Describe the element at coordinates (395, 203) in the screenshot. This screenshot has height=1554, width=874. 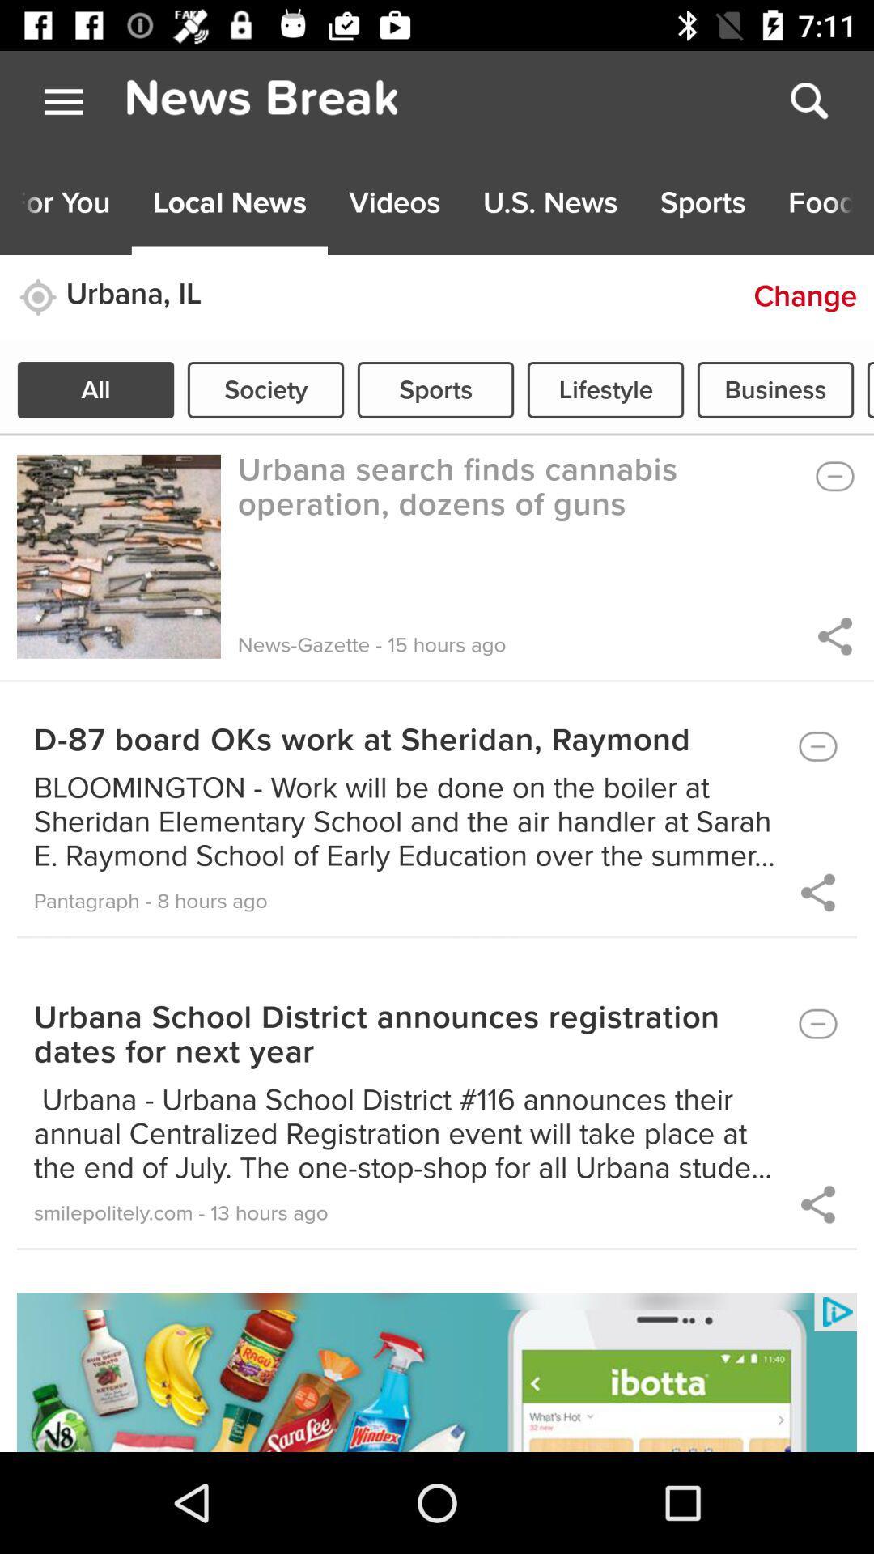
I see `the third button on the top menu bar` at that location.